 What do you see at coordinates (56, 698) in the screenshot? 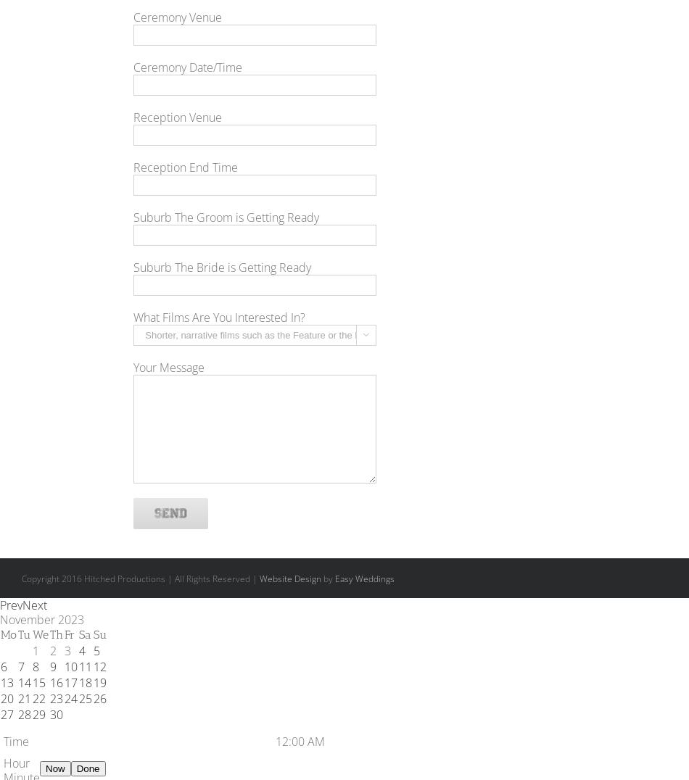
I see `'23'` at bounding box center [56, 698].